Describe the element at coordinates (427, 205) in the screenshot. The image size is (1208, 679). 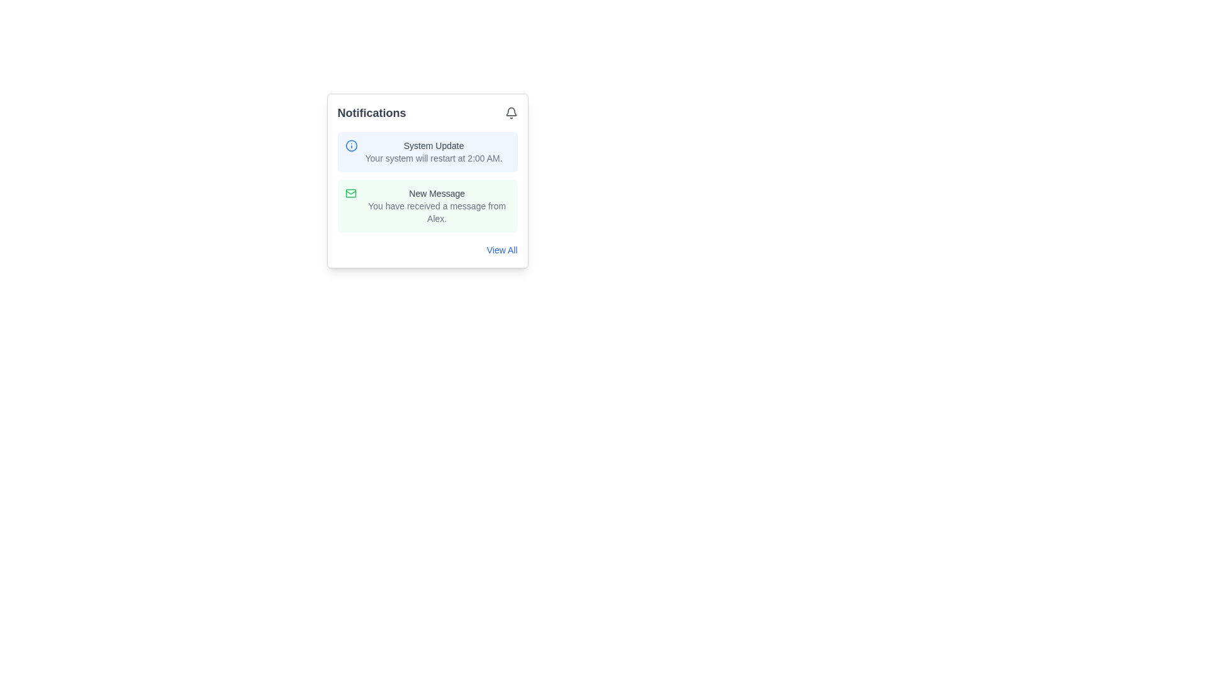
I see `notification content from the notification card informing about a new message received from Alex, which is the second notification below the first one in the notification panel` at that location.